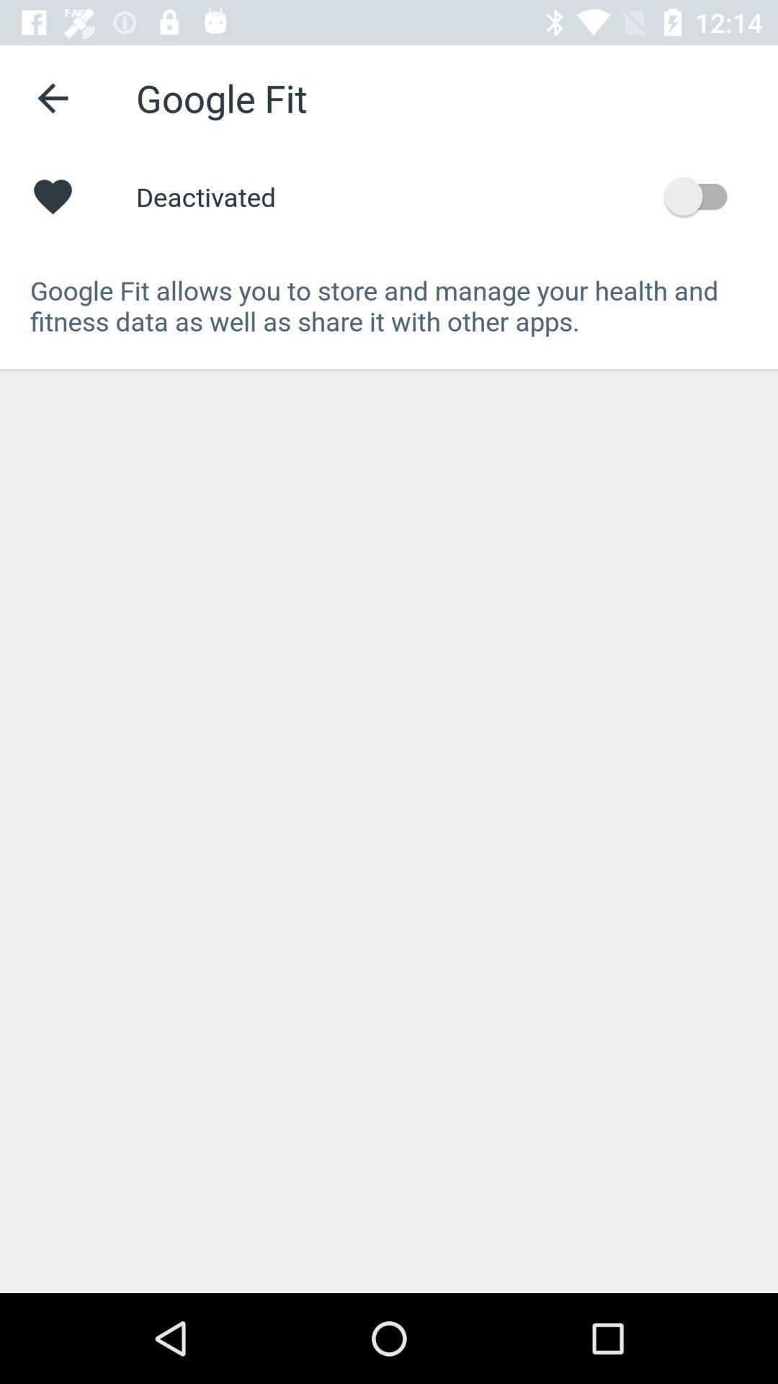 Image resolution: width=778 pixels, height=1384 pixels. What do you see at coordinates (52, 97) in the screenshot?
I see `icon to the left of the google fit` at bounding box center [52, 97].